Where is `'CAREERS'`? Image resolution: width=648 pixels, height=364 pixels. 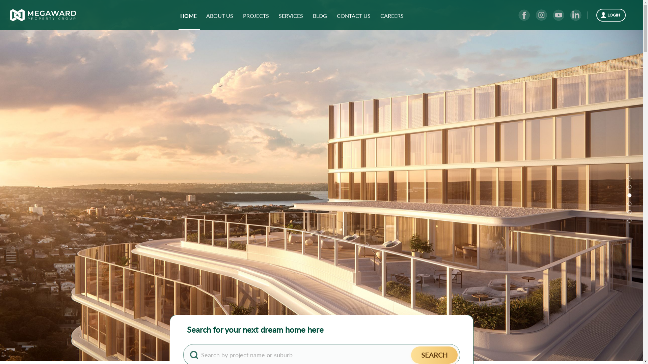
'CAREERS' is located at coordinates (380, 15).